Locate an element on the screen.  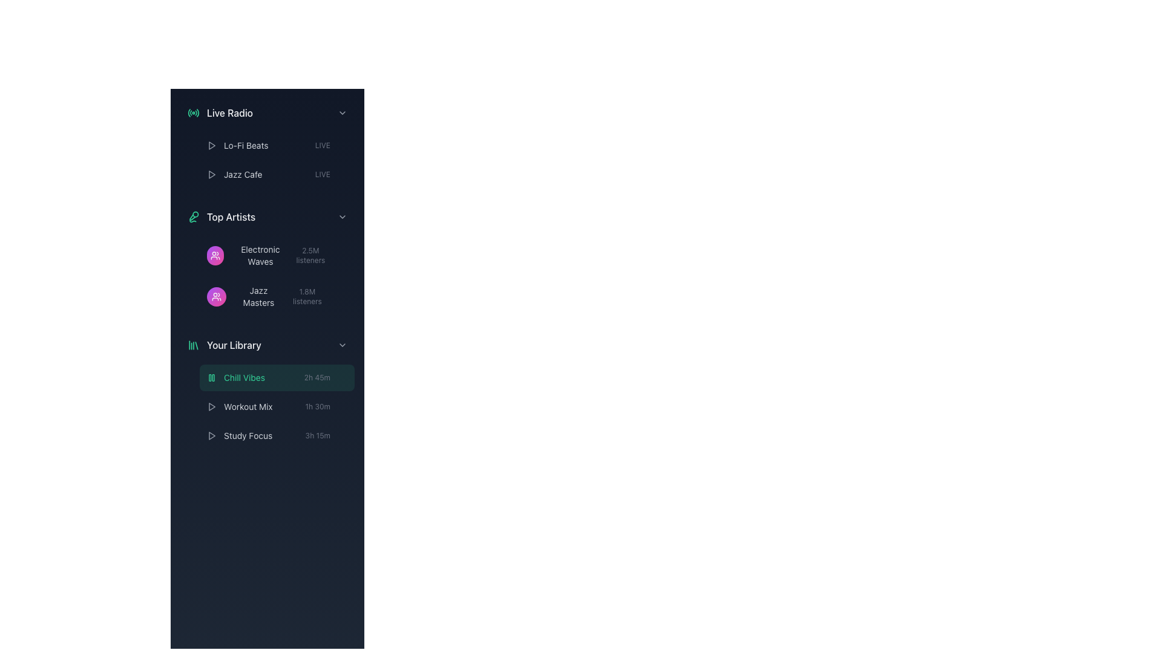
the 'Jazz Masters' text label in the 'Top Artists' section of the left sidebar menu, which displays the name of the artist and is located above the listener statistic text is located at coordinates (245, 296).